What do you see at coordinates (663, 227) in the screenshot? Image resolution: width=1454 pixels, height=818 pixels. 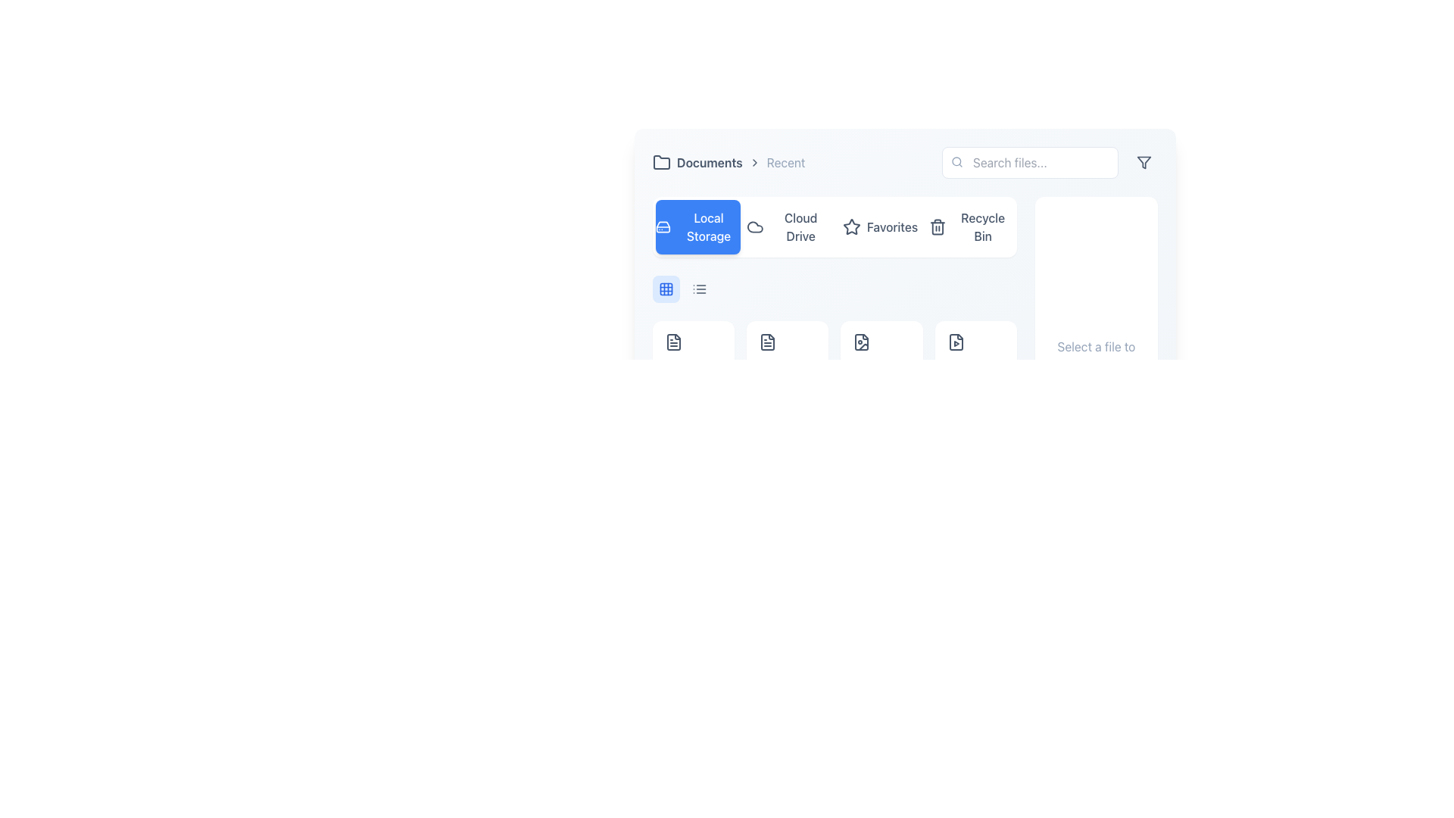 I see `the 'Local Storage' icon located to the left of the text 'Local Storage' in the upper-left portion of the interface's navigation menu` at bounding box center [663, 227].